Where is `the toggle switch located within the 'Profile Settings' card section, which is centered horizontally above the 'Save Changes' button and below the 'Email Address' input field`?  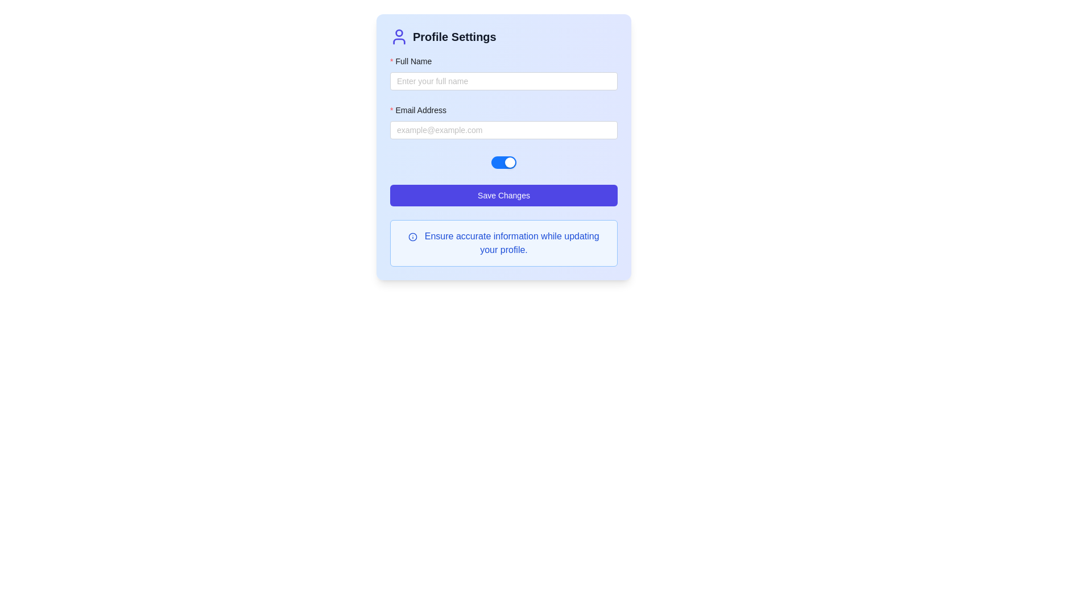
the toggle switch located within the 'Profile Settings' card section, which is centered horizontally above the 'Save Changes' button and below the 'Email Address' input field is located at coordinates (503, 162).